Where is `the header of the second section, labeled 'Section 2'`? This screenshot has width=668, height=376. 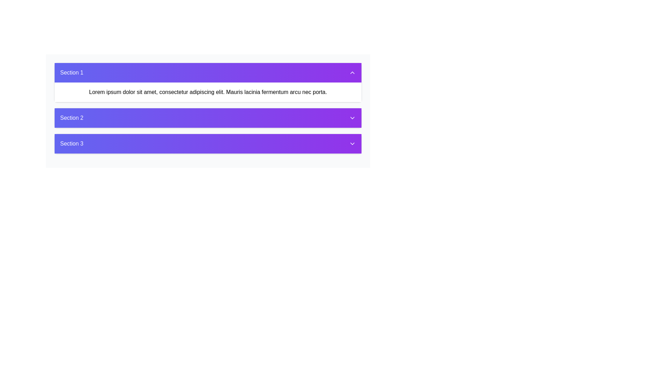 the header of the second section, labeled 'Section 2' is located at coordinates (208, 111).